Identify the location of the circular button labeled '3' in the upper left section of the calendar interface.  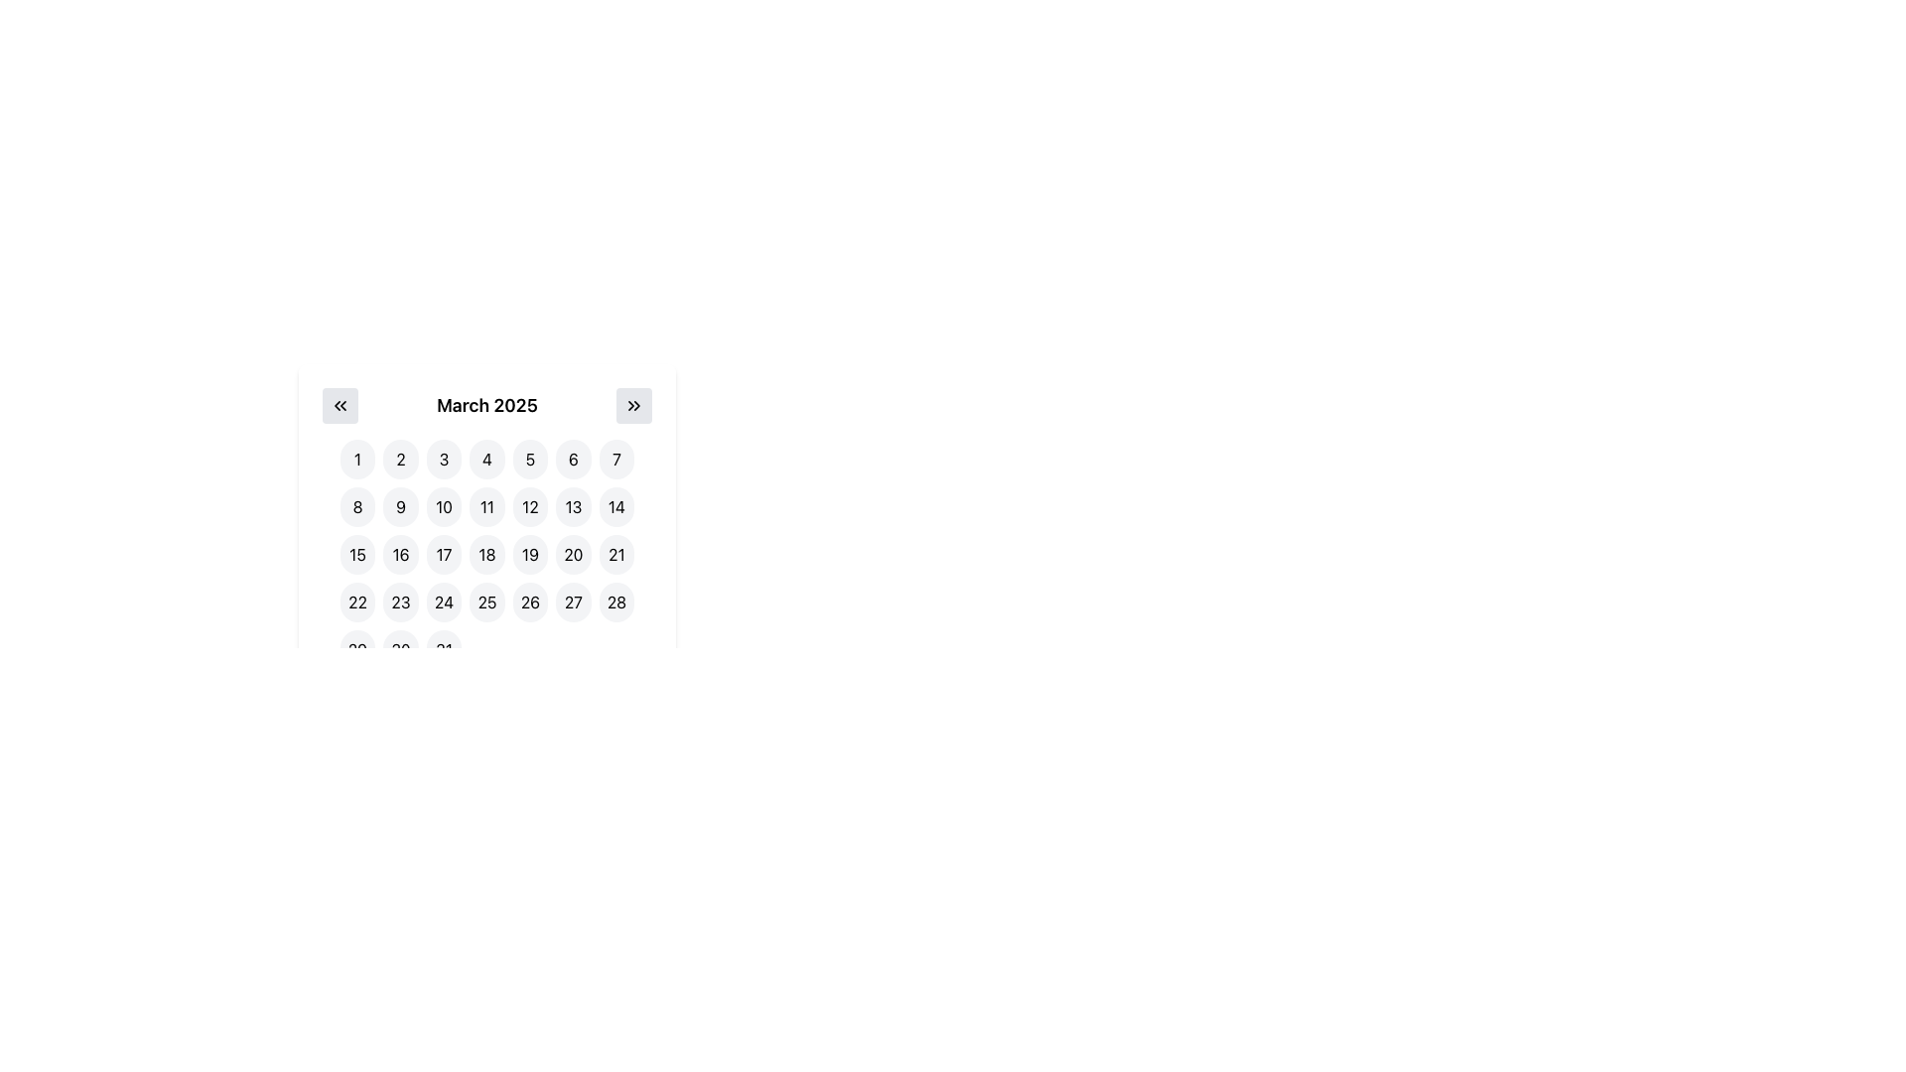
(443, 459).